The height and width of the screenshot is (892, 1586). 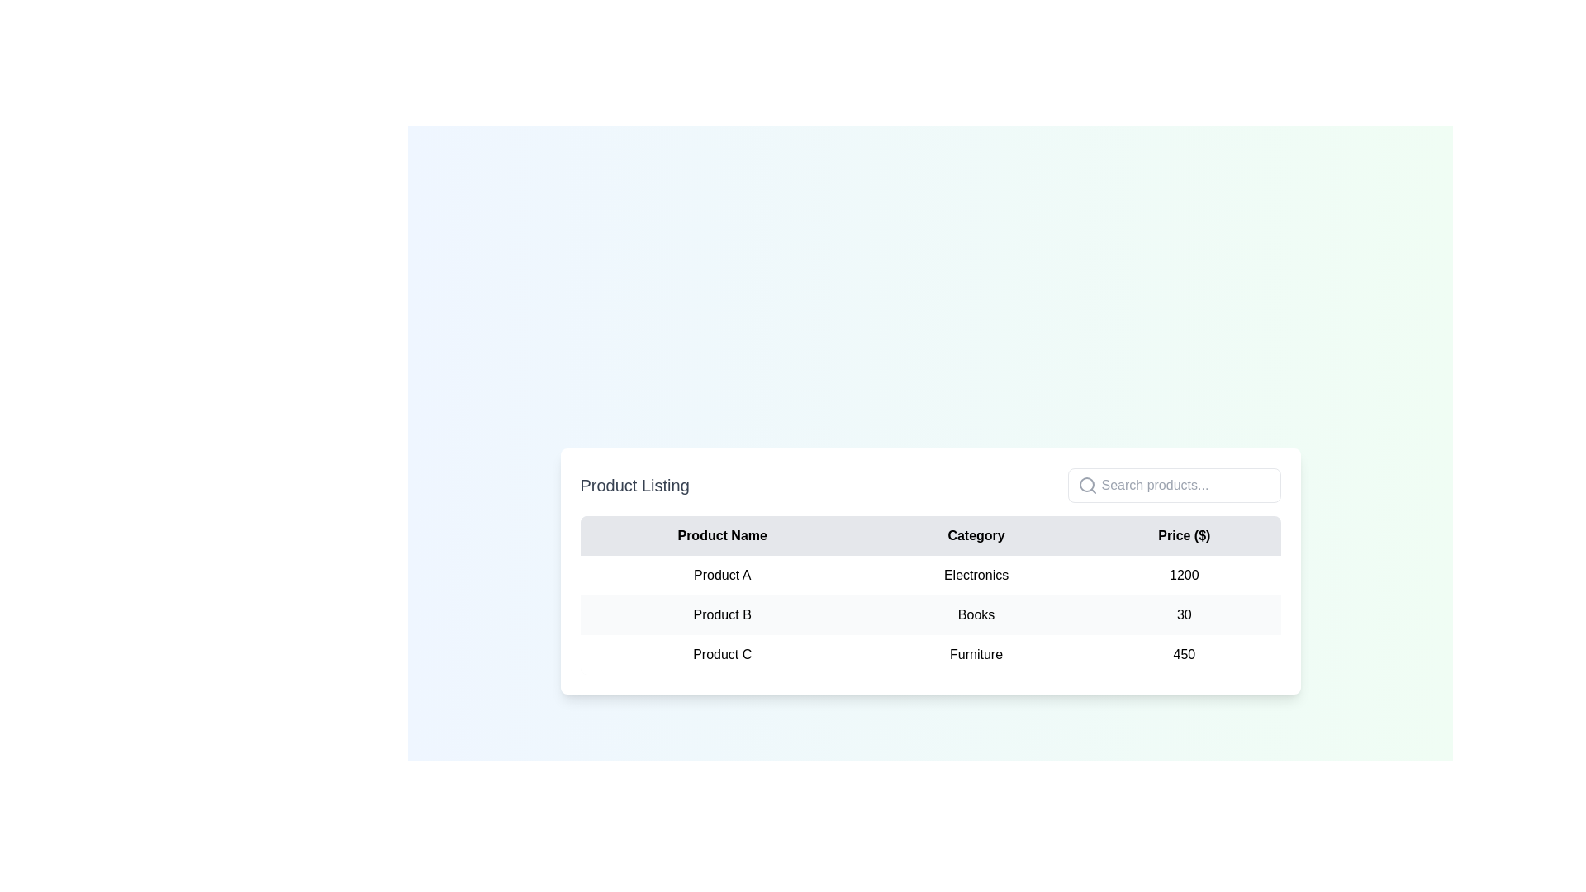 What do you see at coordinates (1183, 575) in the screenshot?
I see `the static text element displaying the price of 'Product A' in the 'Price ($)' column of the second row in the table` at bounding box center [1183, 575].